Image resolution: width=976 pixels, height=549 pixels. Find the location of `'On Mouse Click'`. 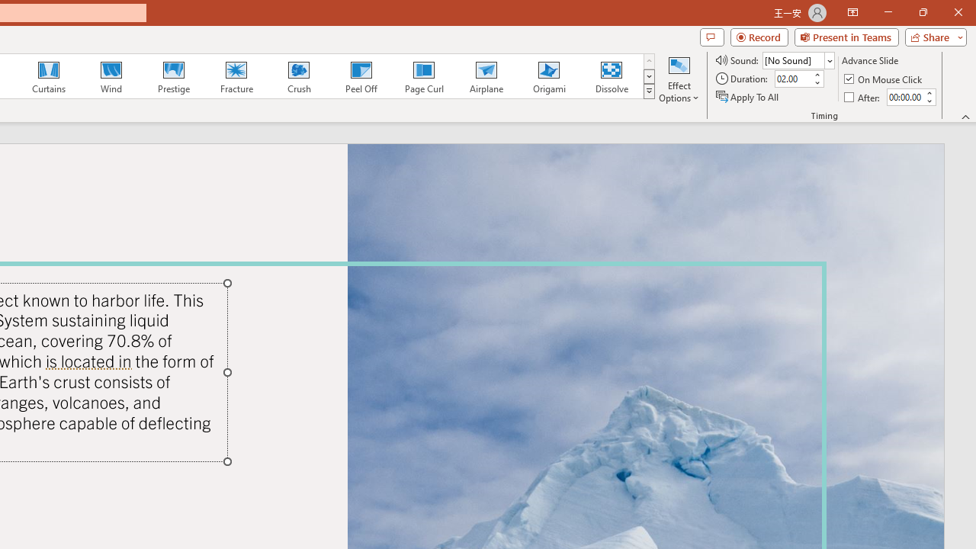

'On Mouse Click' is located at coordinates (884, 79).